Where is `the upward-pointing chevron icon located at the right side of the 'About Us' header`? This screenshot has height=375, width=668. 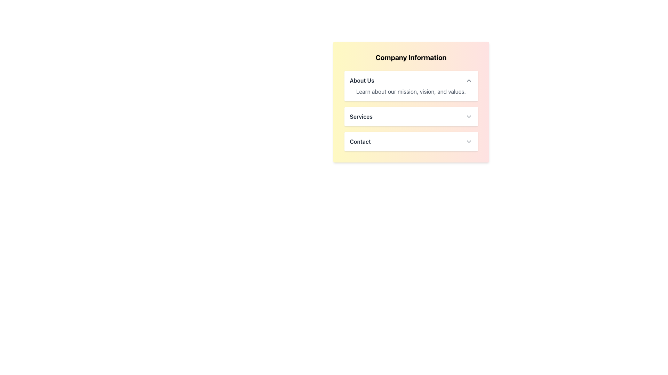
the upward-pointing chevron icon located at the right side of the 'About Us' header is located at coordinates (469, 80).